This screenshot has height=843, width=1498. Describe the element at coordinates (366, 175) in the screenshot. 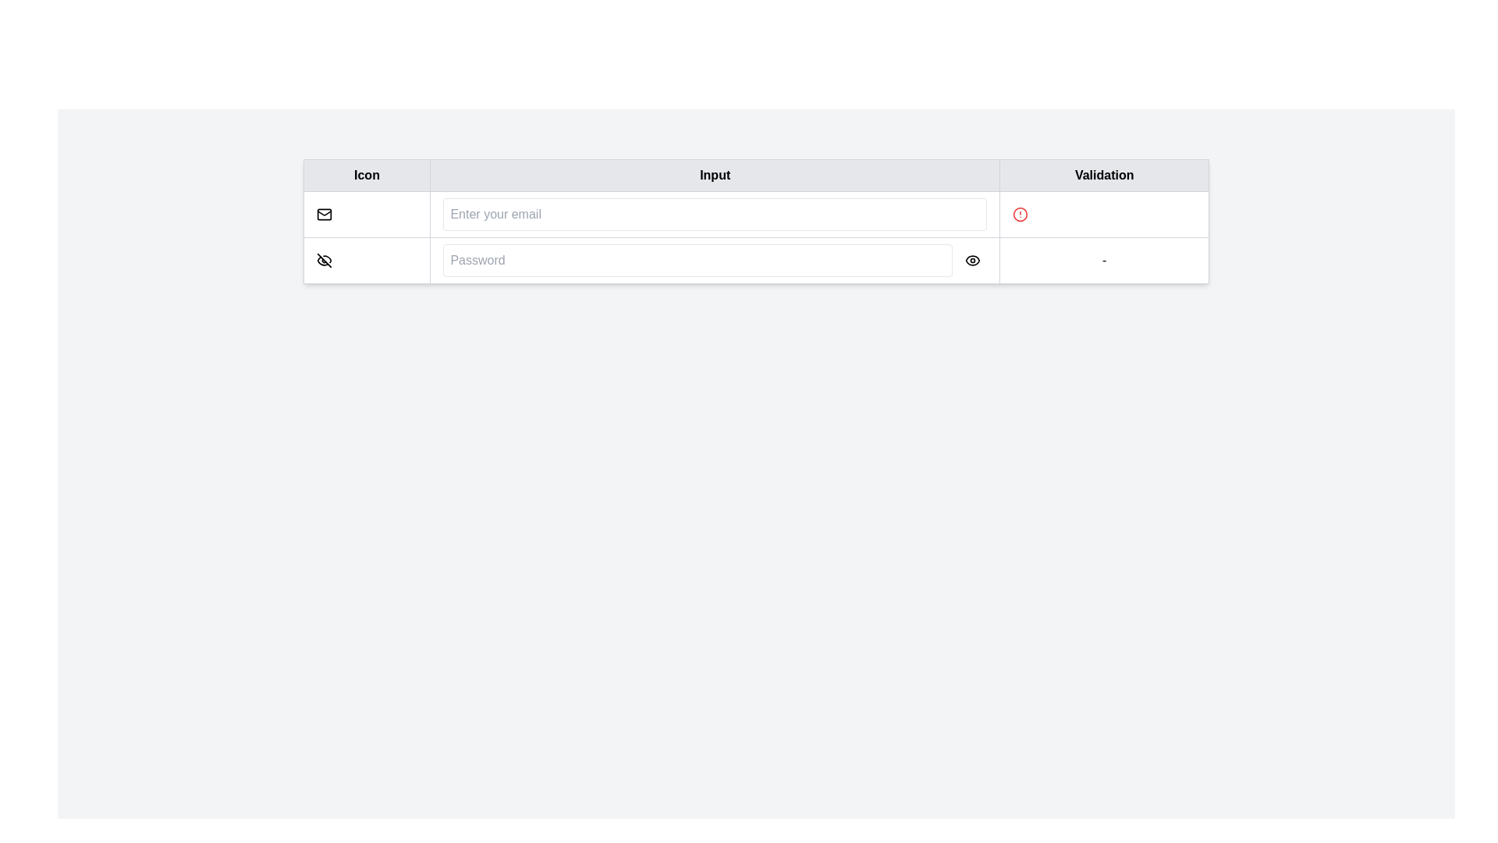

I see `the Static Label or Header with the text 'Icon', which is located in the first column of a three-column layout at the top-left position` at that location.